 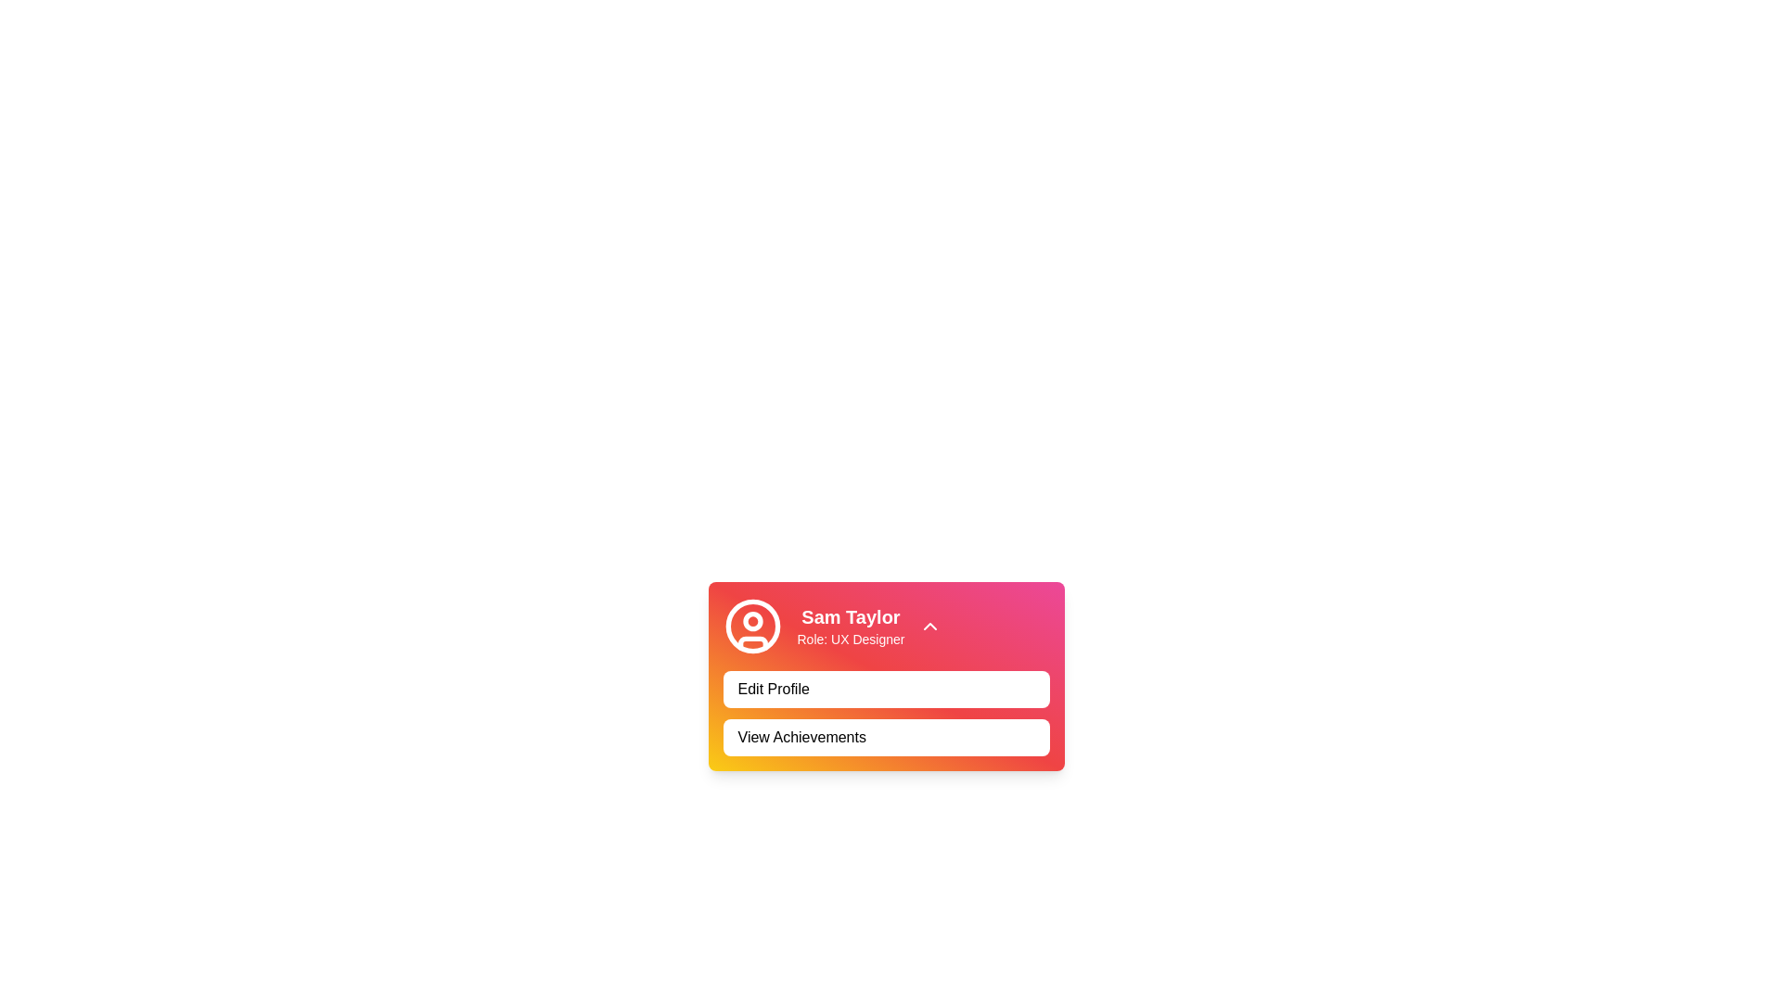 I want to click on the text block containing the header 'Sam Taylor' and the subheader 'Role: UX Designer', which features white text on a gradient background in a card layout, so click(x=850, y=626).